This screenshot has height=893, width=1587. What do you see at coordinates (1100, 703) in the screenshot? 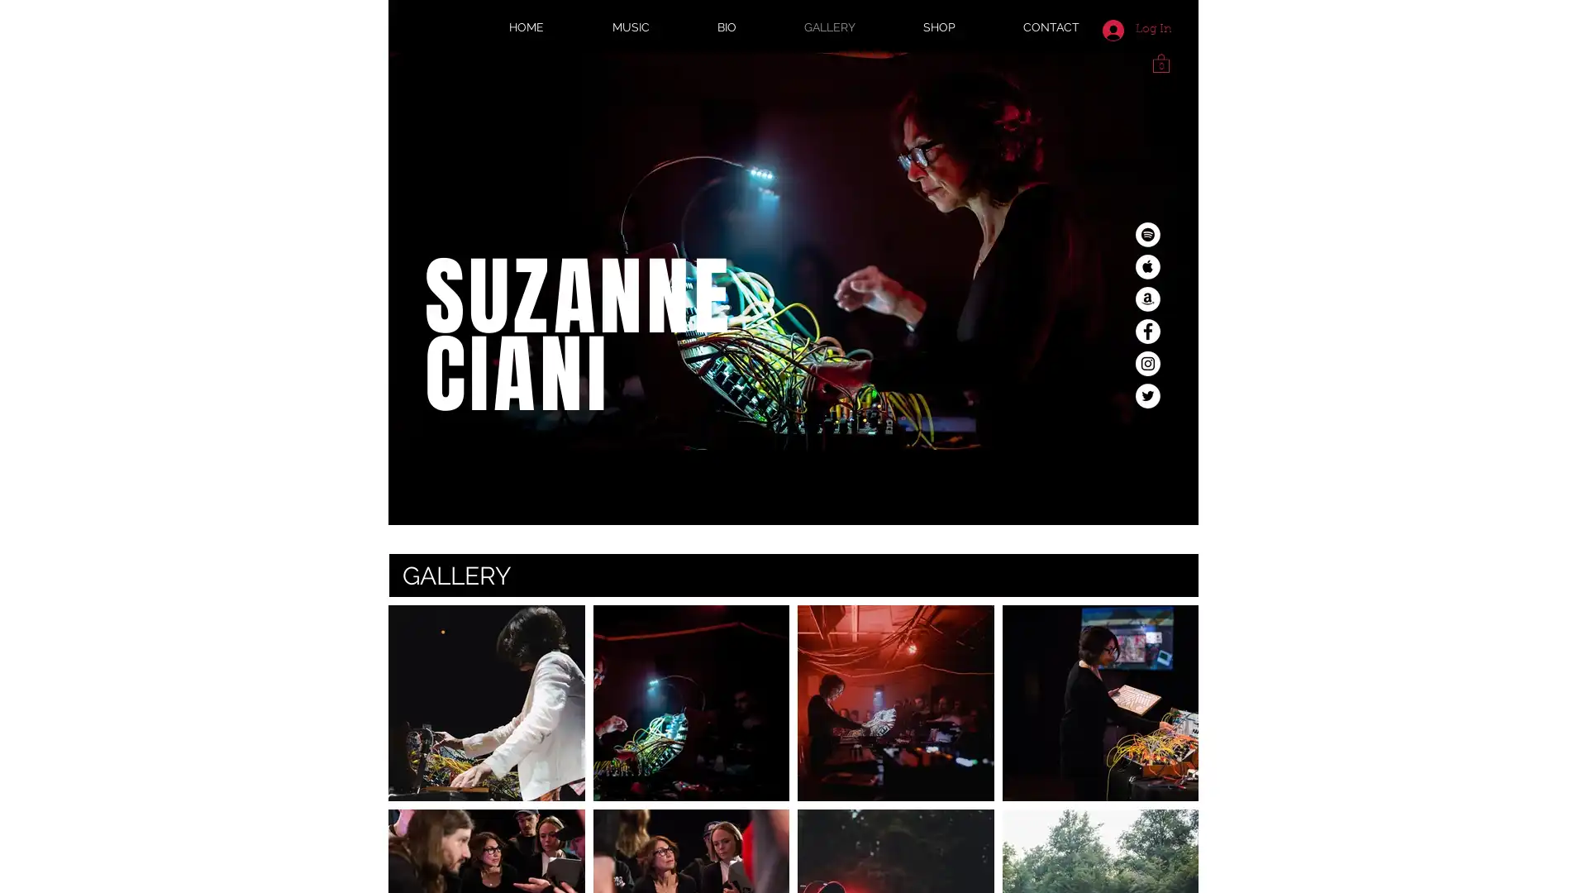
I see `2016 RBMA Buchla Demo` at bounding box center [1100, 703].